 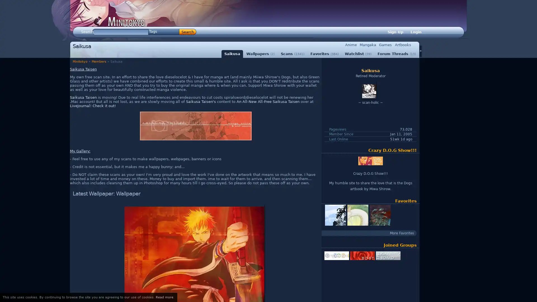 What do you see at coordinates (188, 32) in the screenshot?
I see `Search` at bounding box center [188, 32].